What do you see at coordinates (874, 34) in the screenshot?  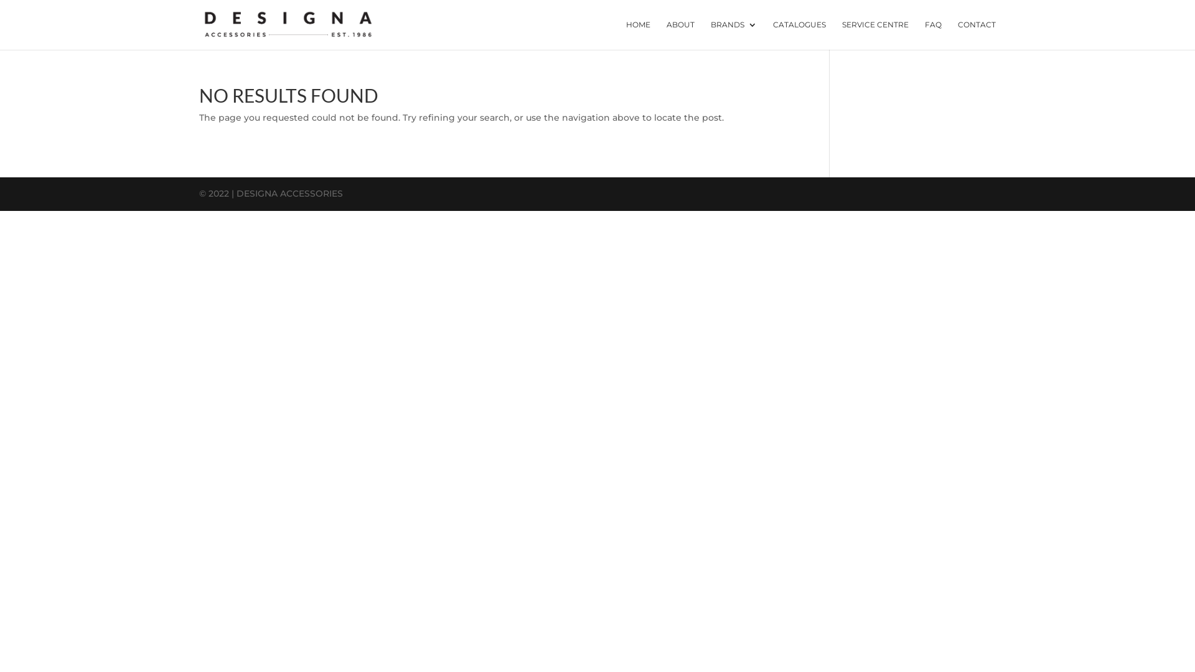 I see `'SERVICE CENTRE'` at bounding box center [874, 34].